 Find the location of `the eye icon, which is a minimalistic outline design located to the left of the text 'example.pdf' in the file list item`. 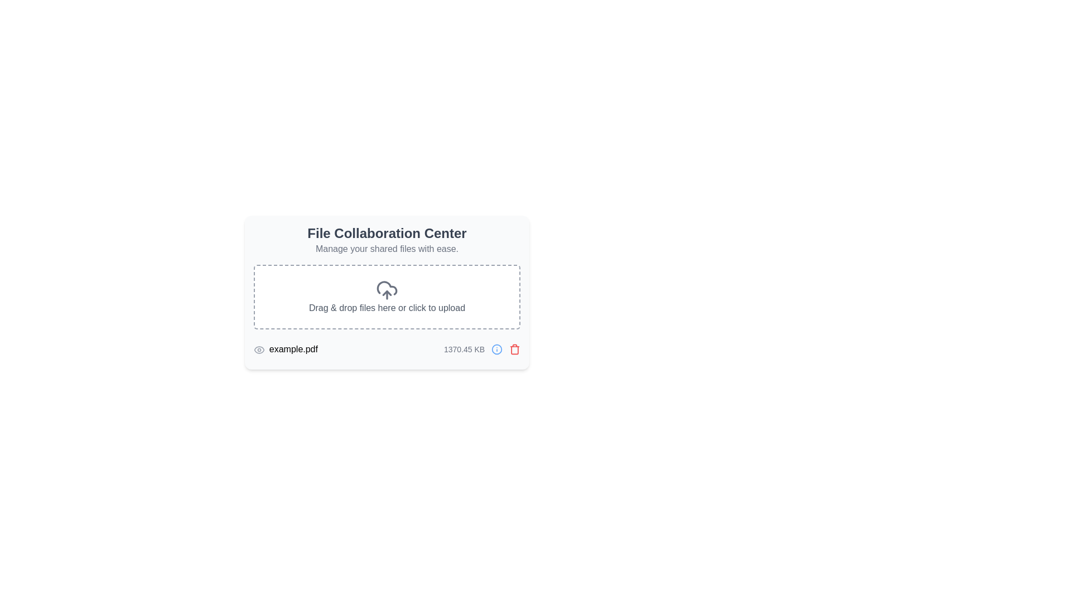

the eye icon, which is a minimalistic outline design located to the left of the text 'example.pdf' in the file list item is located at coordinates (258, 349).